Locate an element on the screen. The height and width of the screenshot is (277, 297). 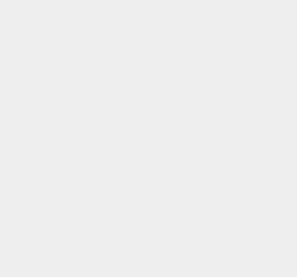
'Logitech' is located at coordinates (216, 132).